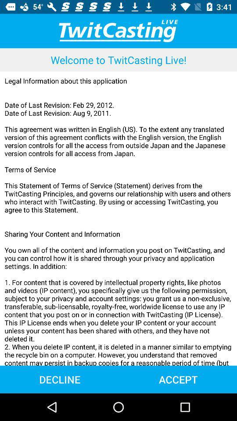 The height and width of the screenshot is (421, 237). What do you see at coordinates (59, 379) in the screenshot?
I see `item at the bottom left corner` at bounding box center [59, 379].